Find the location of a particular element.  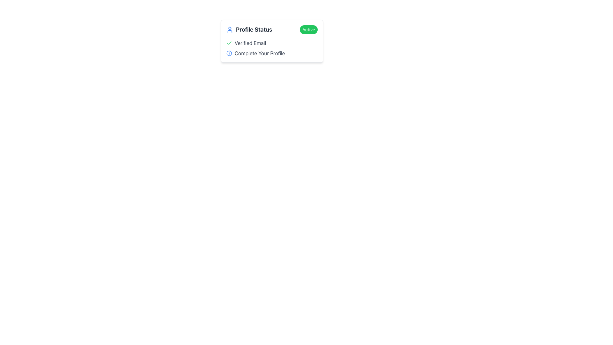

the label titled 'Profile Status' which is located in the upper-left part of the card interface, immediately to the left of the 'Active' status badge, to engage with surrounding elements is located at coordinates (249, 29).